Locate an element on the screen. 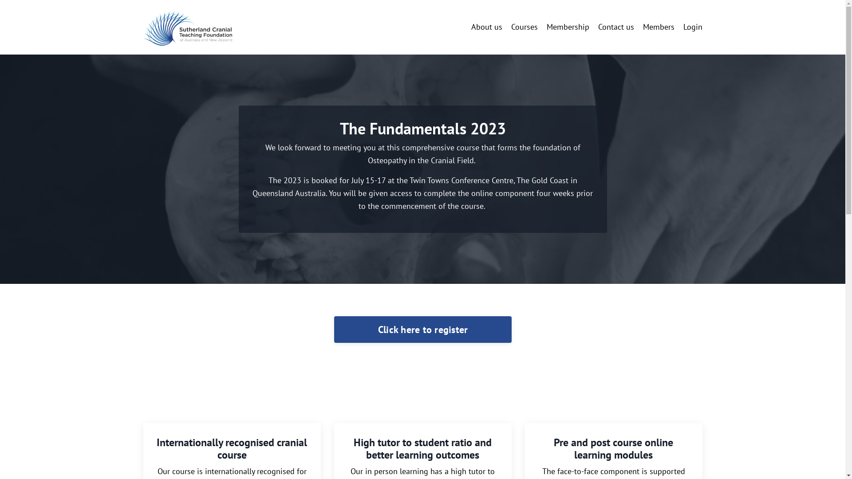 This screenshot has width=852, height=479. 'Members' is located at coordinates (643, 27).